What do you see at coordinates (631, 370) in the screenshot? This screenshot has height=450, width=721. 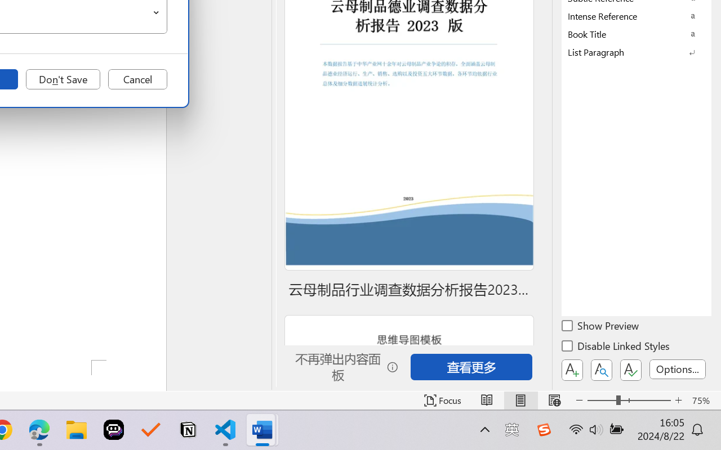 I see `'Class: NetUIButton'` at bounding box center [631, 370].